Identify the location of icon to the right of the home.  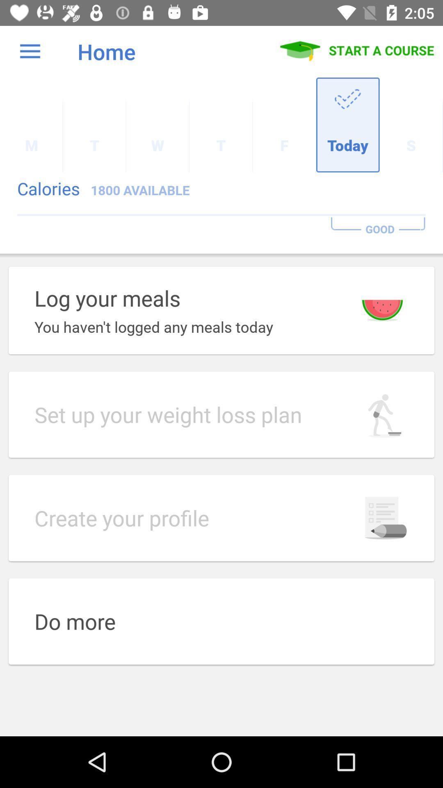
(357, 51).